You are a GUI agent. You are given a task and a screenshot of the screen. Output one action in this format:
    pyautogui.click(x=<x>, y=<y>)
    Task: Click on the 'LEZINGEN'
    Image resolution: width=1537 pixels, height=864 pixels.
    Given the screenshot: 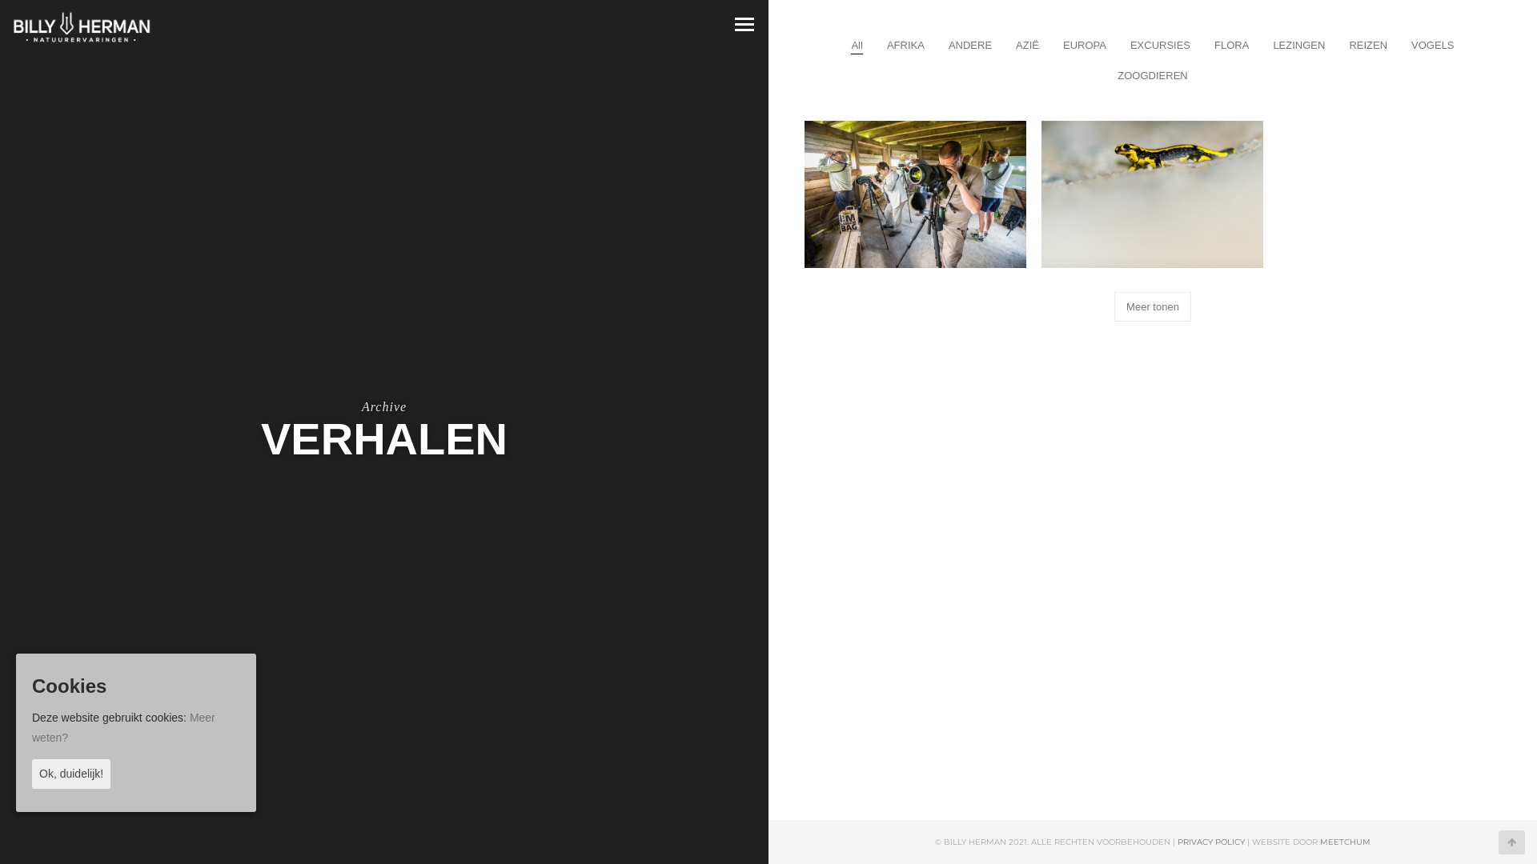 What is the action you would take?
    pyautogui.click(x=1298, y=44)
    